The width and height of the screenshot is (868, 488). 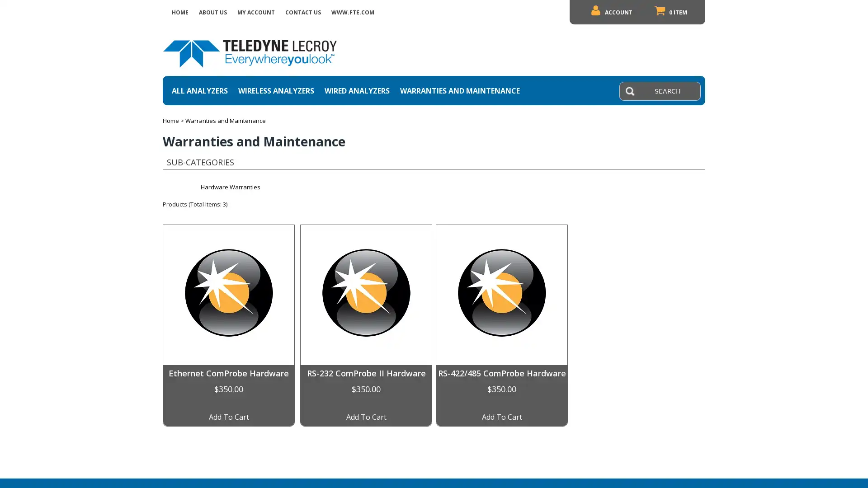 What do you see at coordinates (501, 416) in the screenshot?
I see `Add To Cart` at bounding box center [501, 416].